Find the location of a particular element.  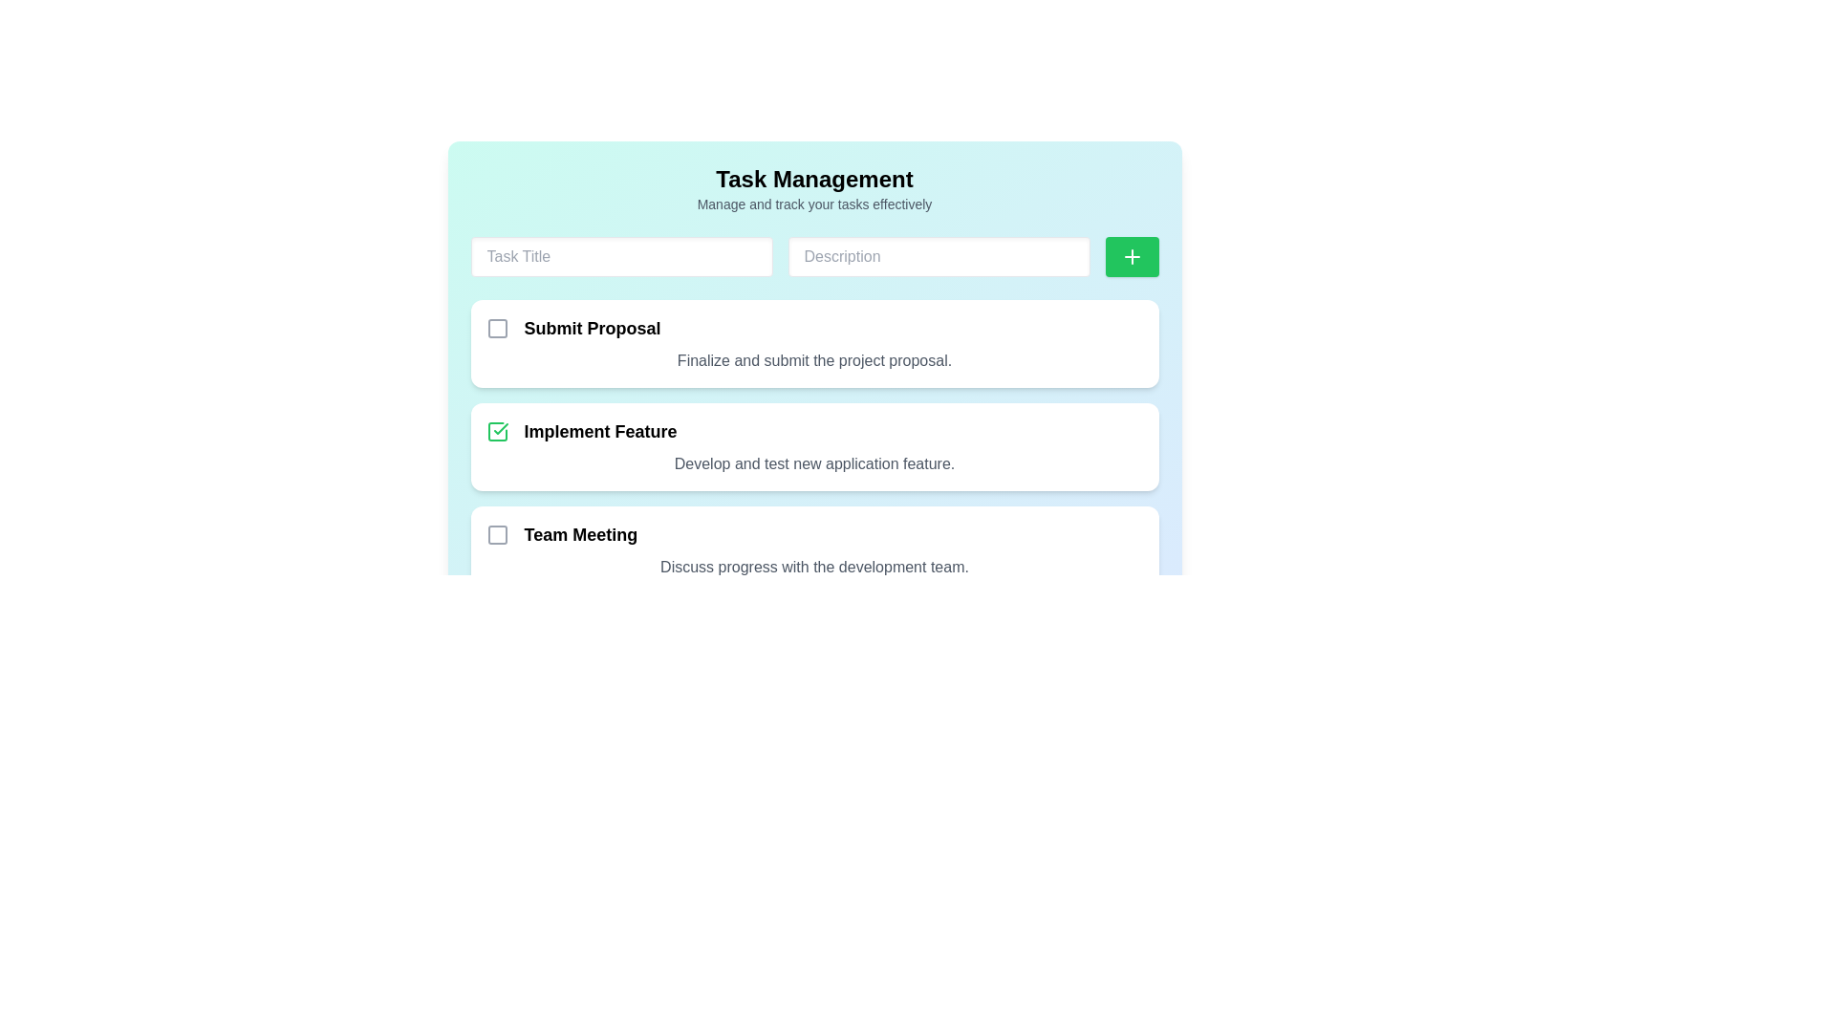

the 'create' or 'add' icon button located at the top-right corner of the interface is located at coordinates (1132, 256).